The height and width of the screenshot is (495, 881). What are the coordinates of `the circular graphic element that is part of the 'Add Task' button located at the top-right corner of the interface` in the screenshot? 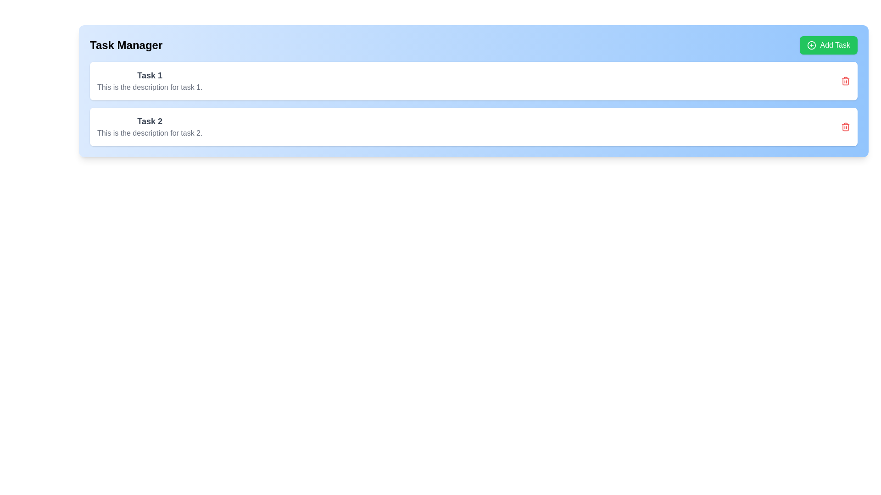 It's located at (812, 45).